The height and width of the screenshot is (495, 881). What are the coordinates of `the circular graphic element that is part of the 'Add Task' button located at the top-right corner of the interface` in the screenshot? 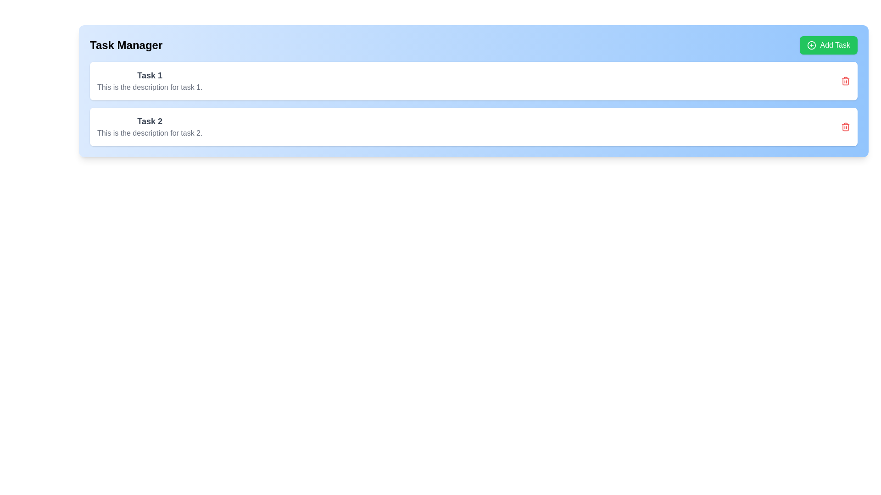 It's located at (812, 45).